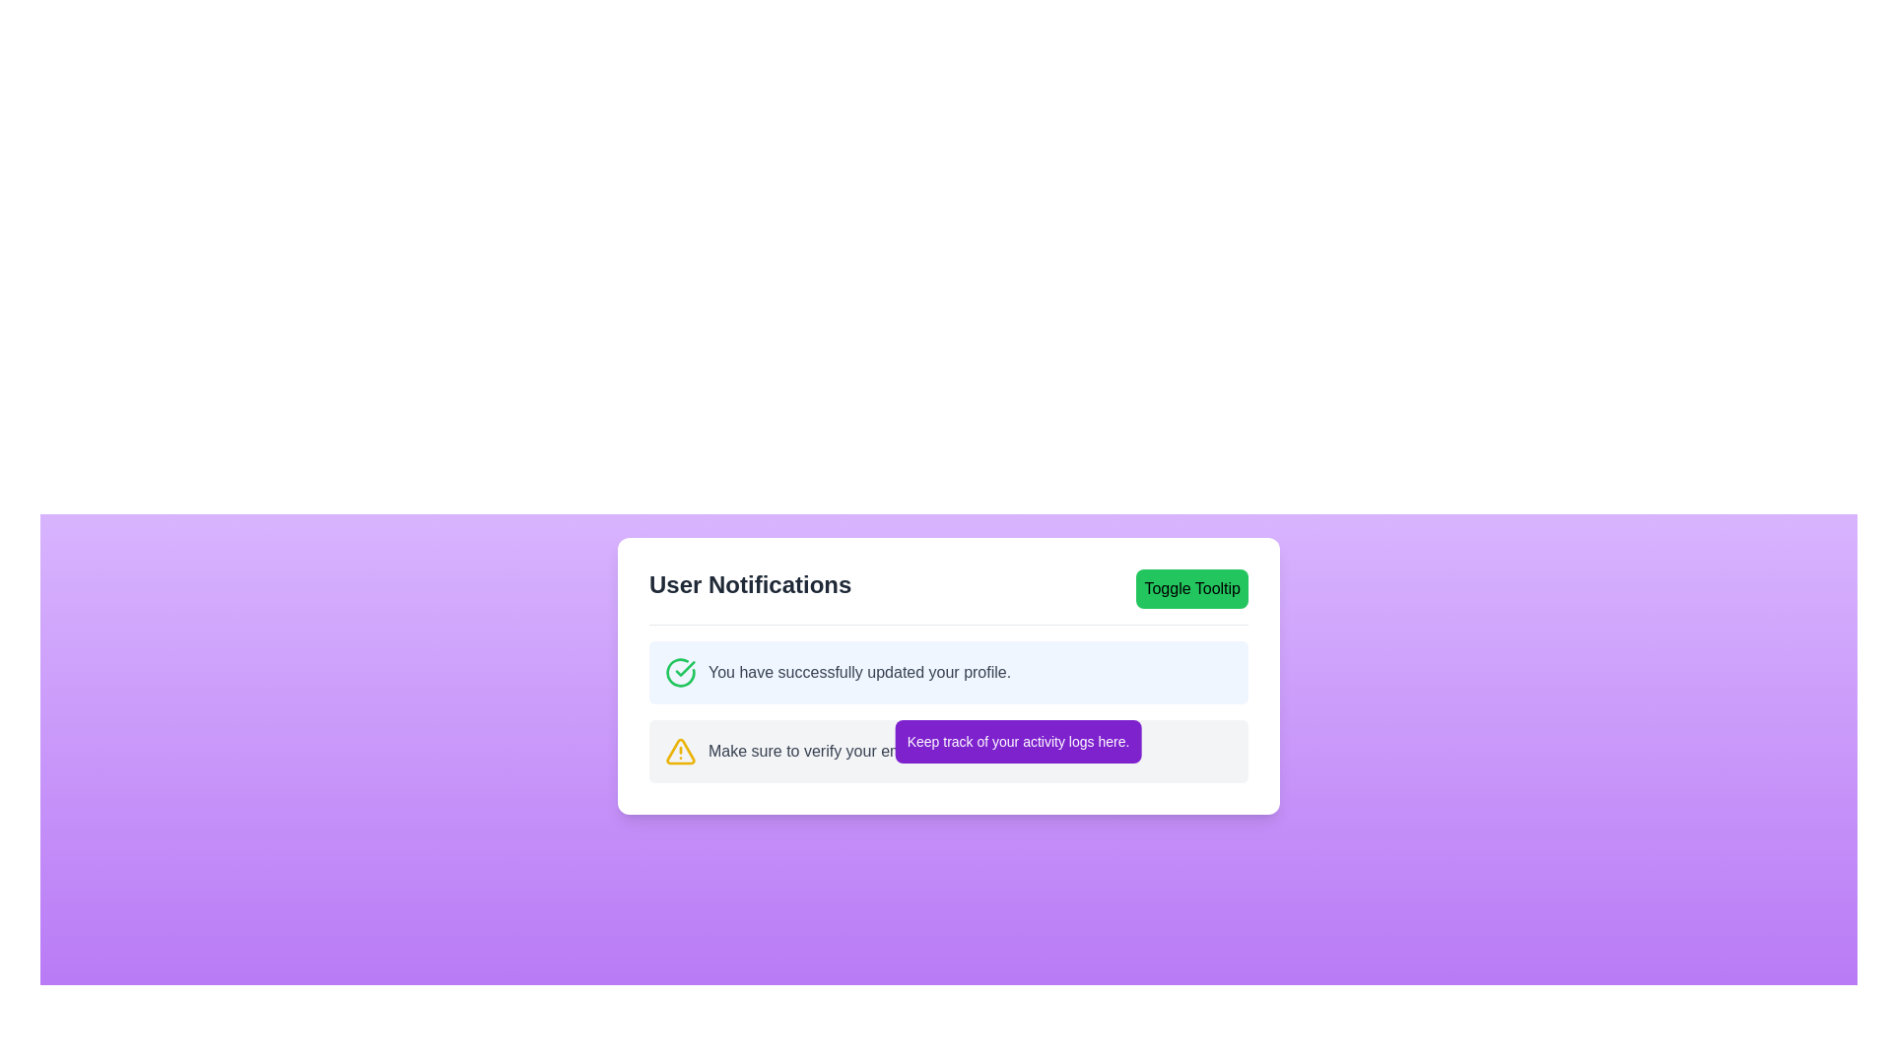  What do you see at coordinates (1018, 741) in the screenshot?
I see `the tooltip element with a purple background that displays the text 'Keep track of your activity logs here.' located in the lower notification area to the right of the warning icon` at bounding box center [1018, 741].